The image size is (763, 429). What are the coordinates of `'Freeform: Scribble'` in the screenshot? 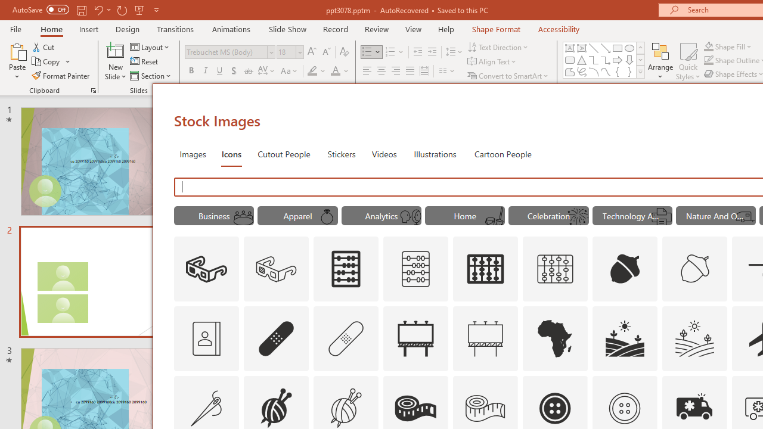 It's located at (582, 71).